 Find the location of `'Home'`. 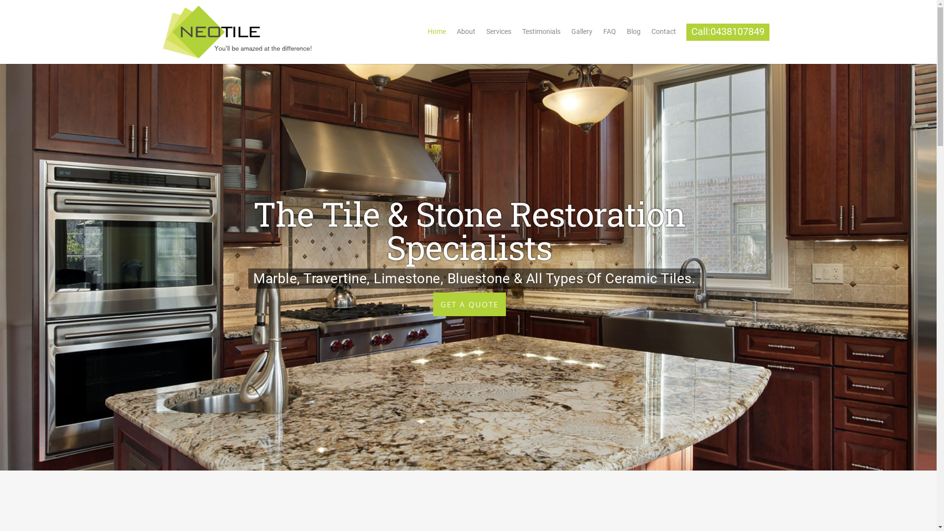

'Home' is located at coordinates (436, 33).